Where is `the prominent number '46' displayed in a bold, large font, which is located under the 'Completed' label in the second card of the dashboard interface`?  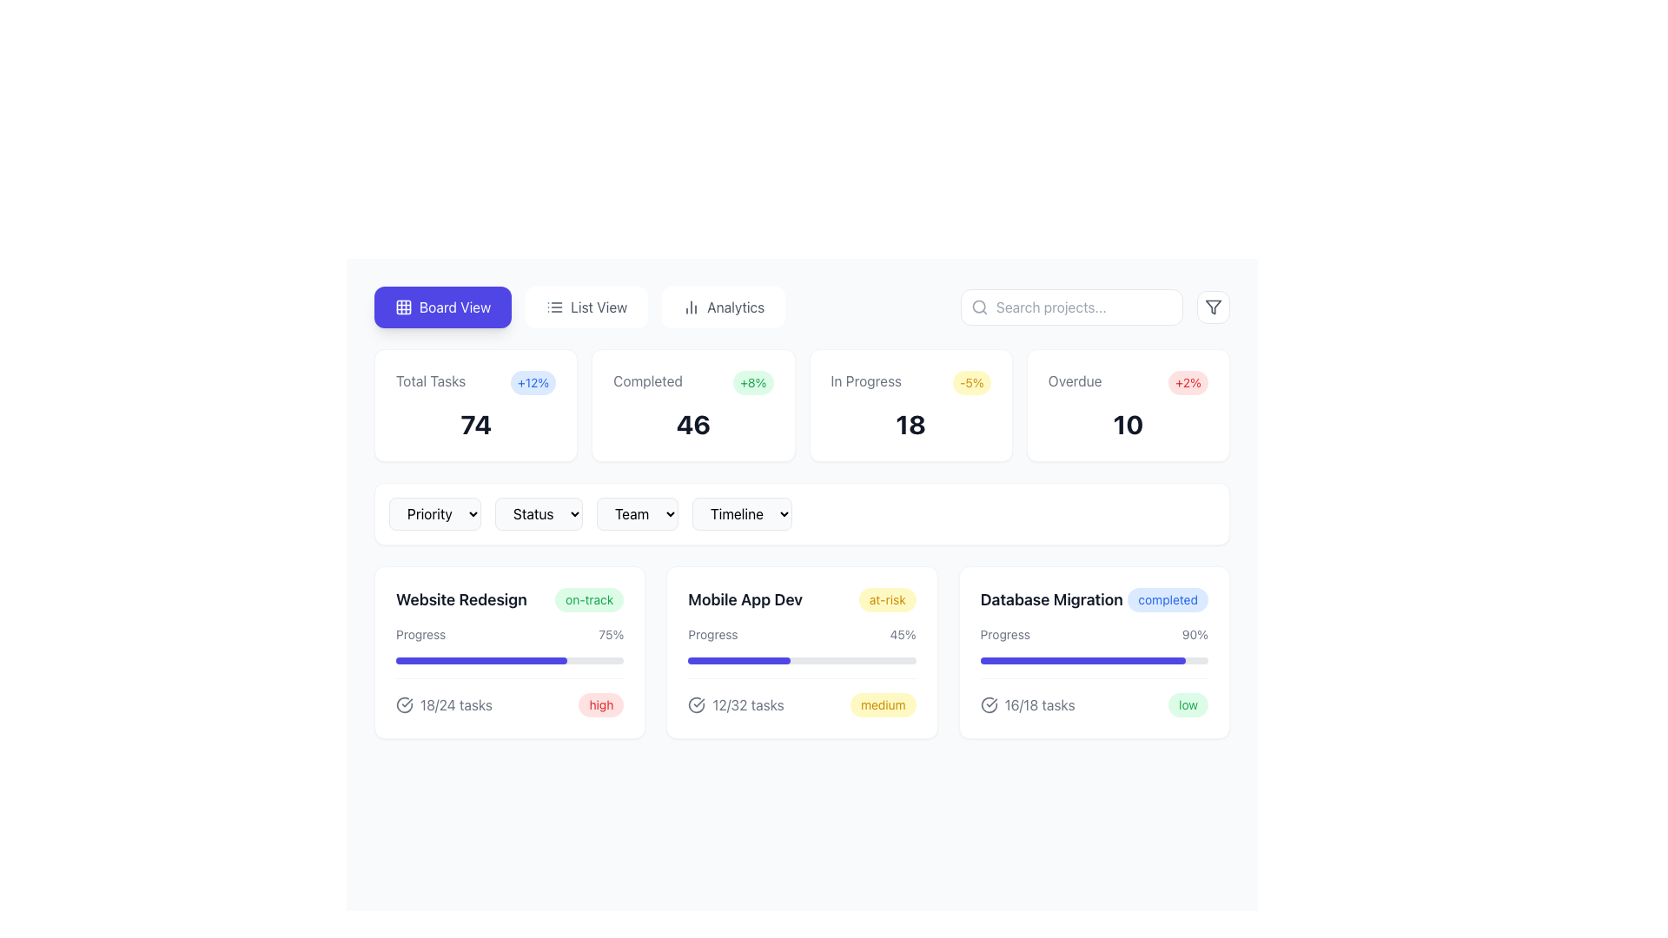
the prominent number '46' displayed in a bold, large font, which is located under the 'Completed' label in the second card of the dashboard interface is located at coordinates (692, 425).